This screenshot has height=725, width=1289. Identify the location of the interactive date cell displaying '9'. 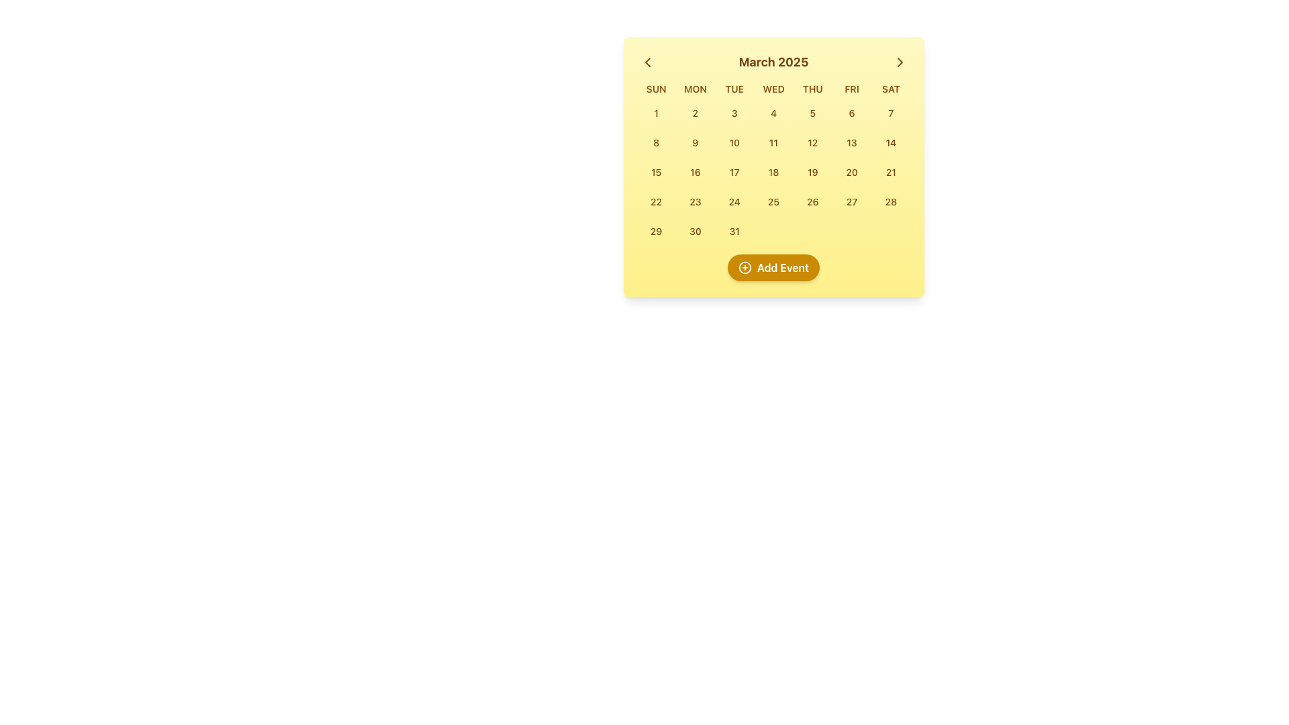
(695, 142).